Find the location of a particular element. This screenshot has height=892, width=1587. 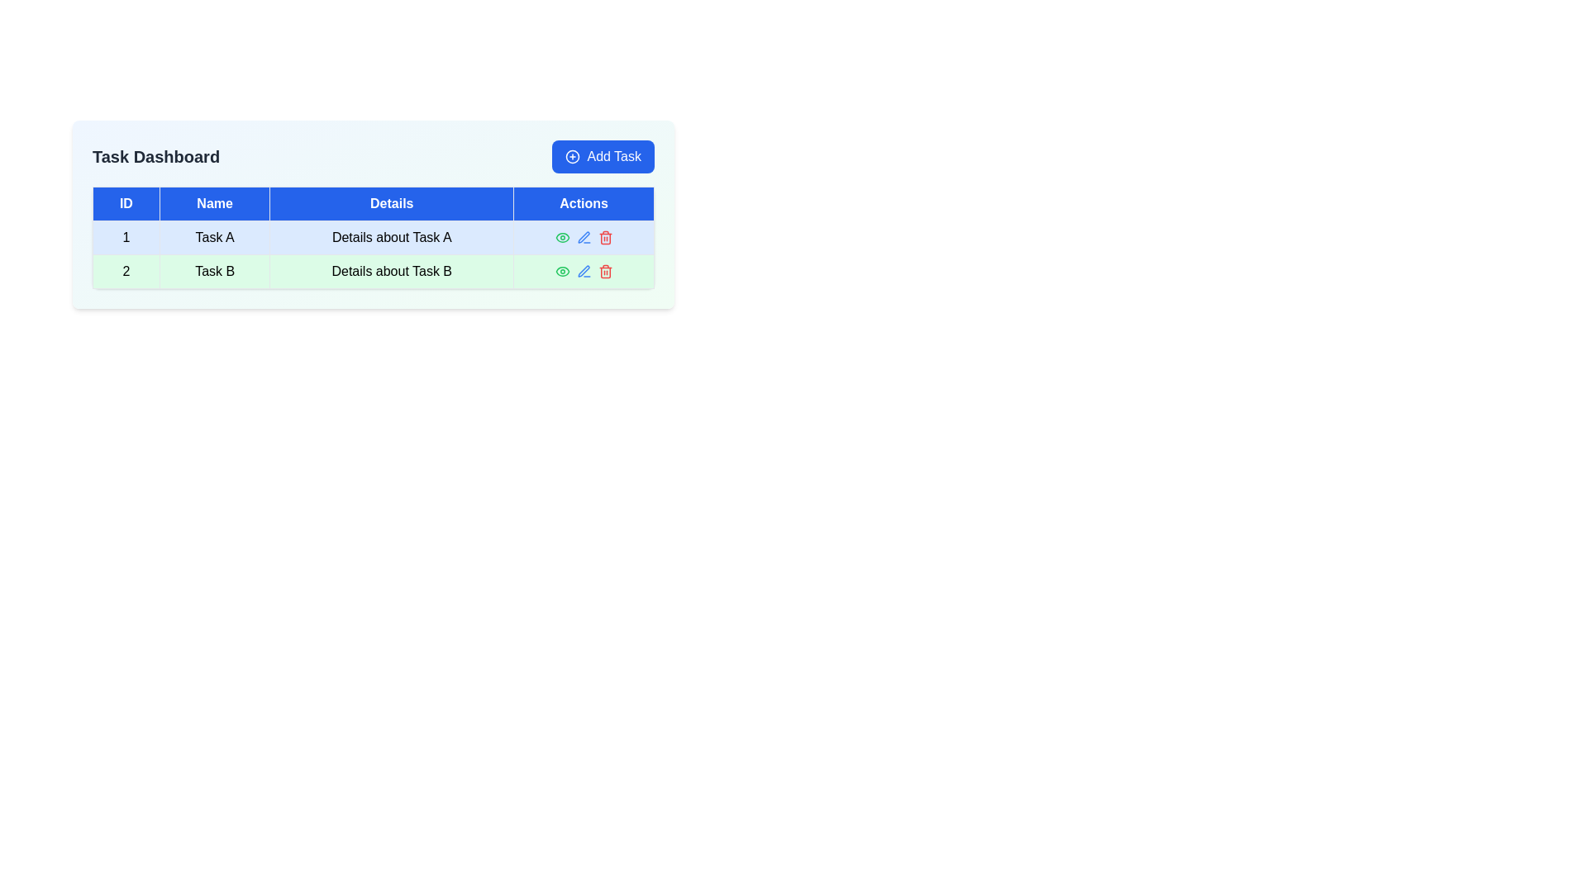

the 'Actions' section of the table for 'Task A' is located at coordinates (584, 238).